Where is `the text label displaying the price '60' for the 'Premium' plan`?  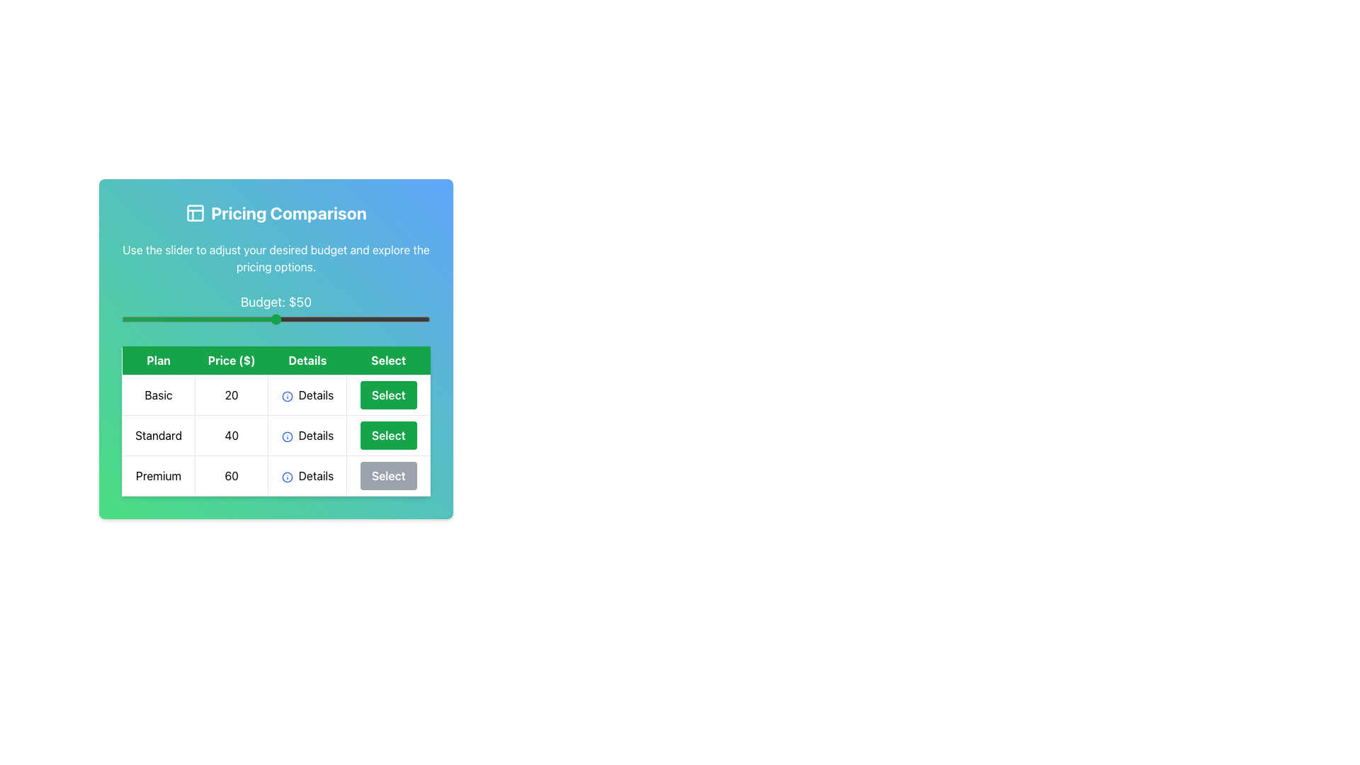 the text label displaying the price '60' for the 'Premium' plan is located at coordinates (232, 475).